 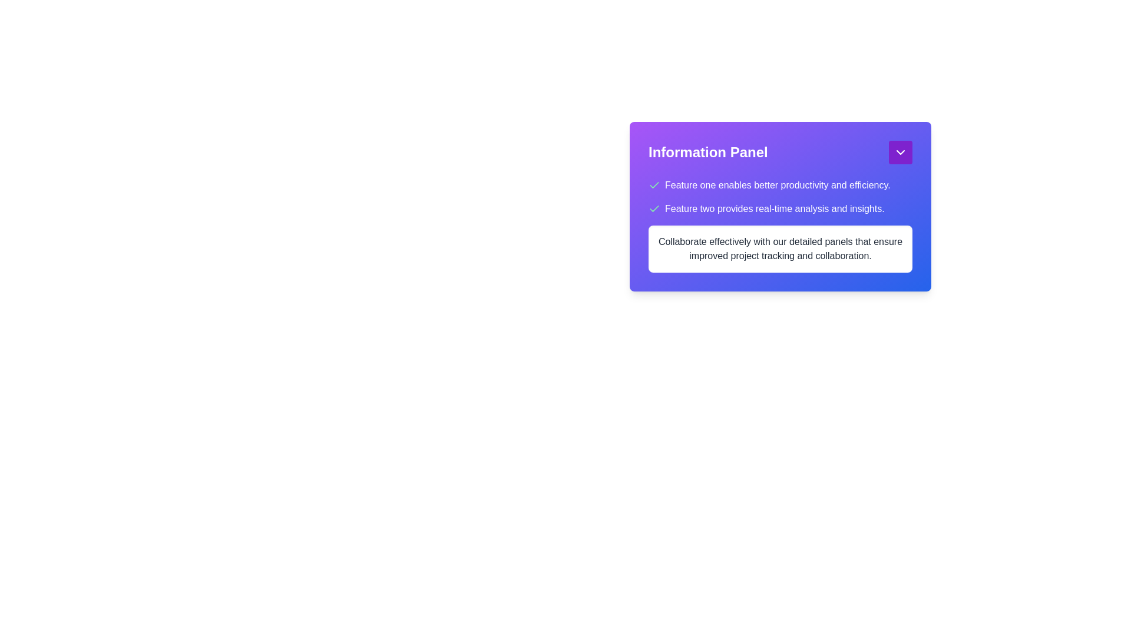 What do you see at coordinates (778, 185) in the screenshot?
I see `the static text element that communicates a feature description, located next to a green checkmark icon and positioned in the top half of the information panel` at bounding box center [778, 185].